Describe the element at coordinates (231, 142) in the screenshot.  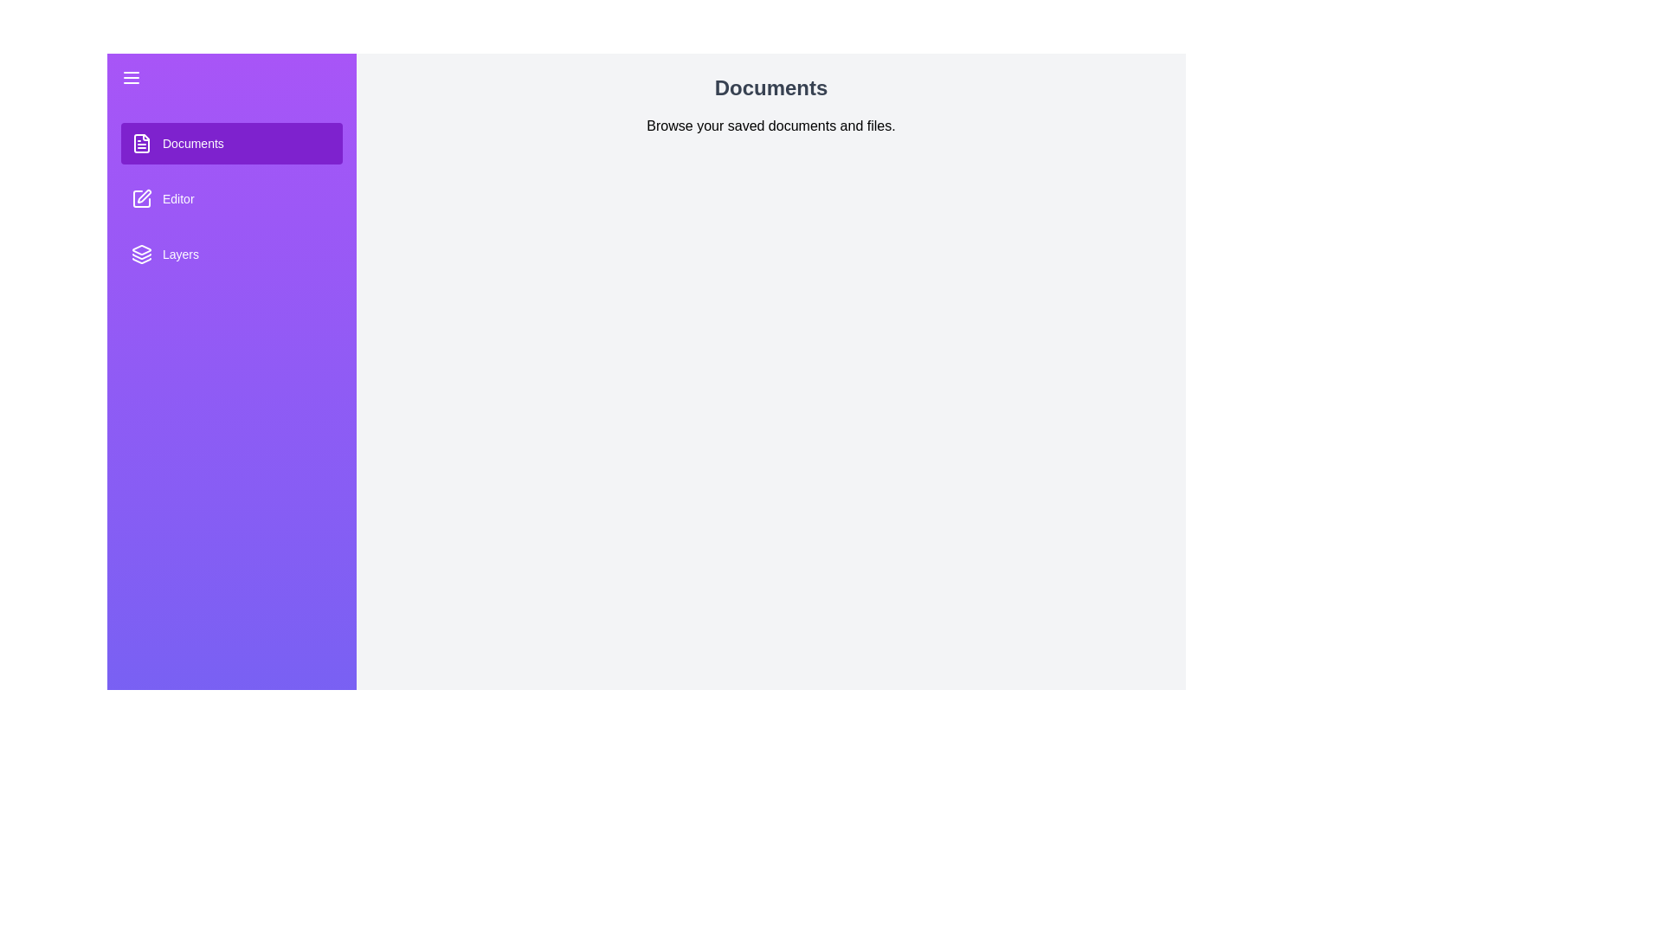
I see `the section named Documents` at that location.